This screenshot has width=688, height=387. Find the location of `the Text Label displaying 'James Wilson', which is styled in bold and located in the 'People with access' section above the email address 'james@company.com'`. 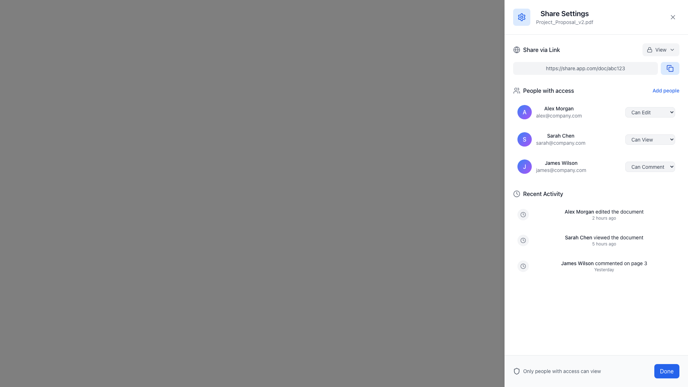

the Text Label displaying 'James Wilson', which is styled in bold and located in the 'People with access' section above the email address 'james@company.com' is located at coordinates (561, 163).